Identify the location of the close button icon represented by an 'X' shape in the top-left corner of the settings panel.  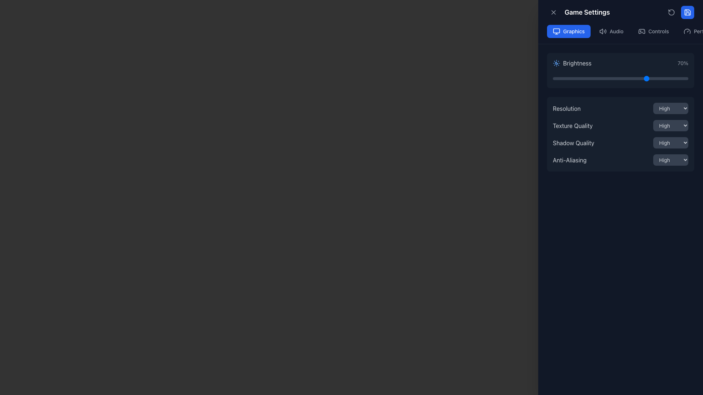
(554, 12).